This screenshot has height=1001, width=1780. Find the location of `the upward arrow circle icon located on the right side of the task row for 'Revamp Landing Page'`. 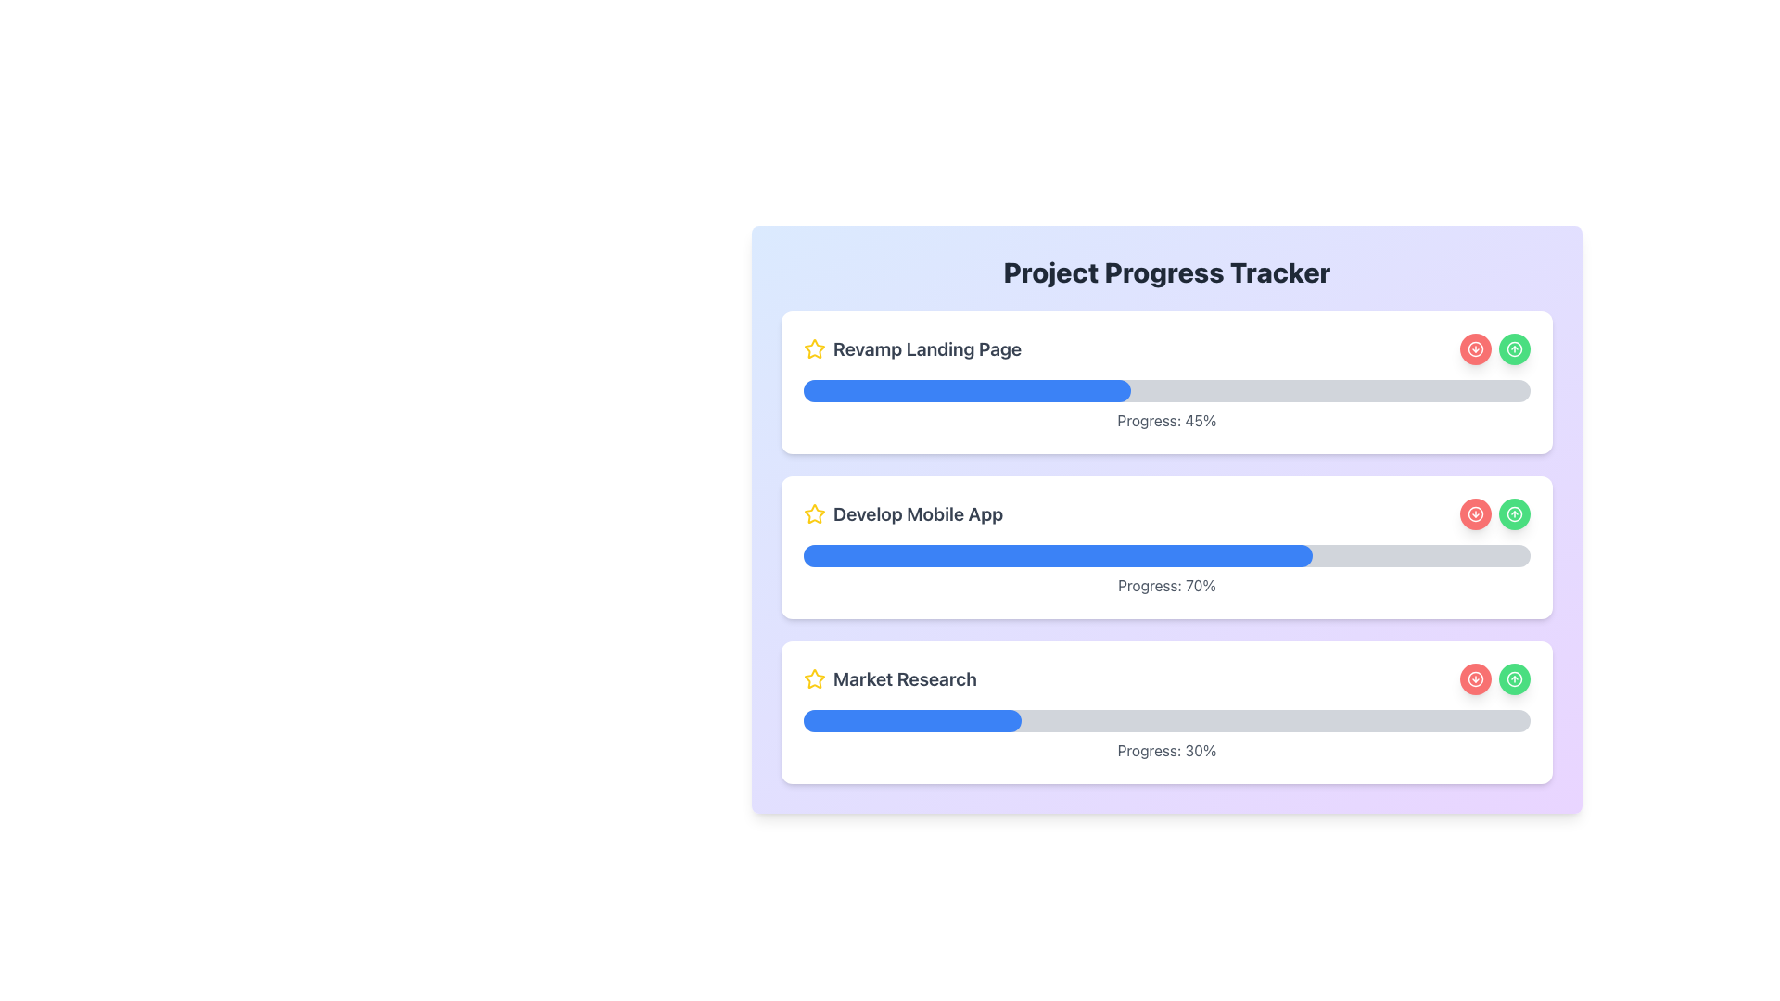

the upward arrow circle icon located on the right side of the task row for 'Revamp Landing Page' is located at coordinates (1514, 349).